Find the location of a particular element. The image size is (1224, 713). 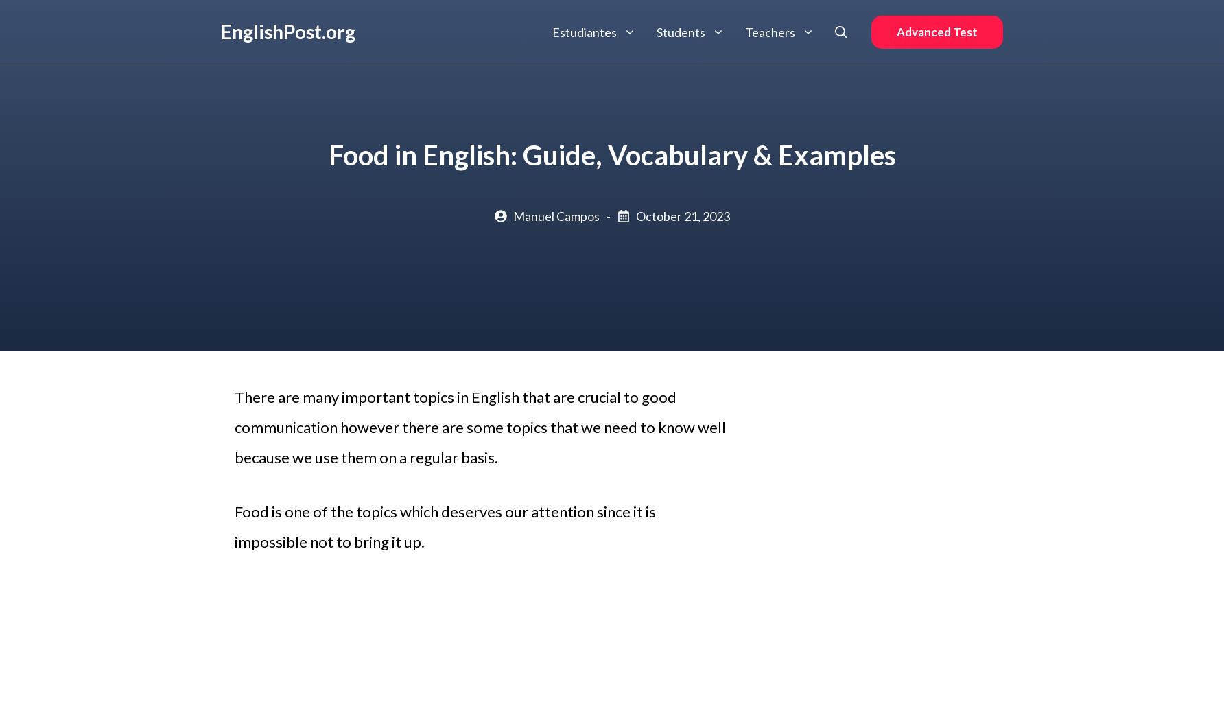

'Manuel Campos' is located at coordinates (554, 216).